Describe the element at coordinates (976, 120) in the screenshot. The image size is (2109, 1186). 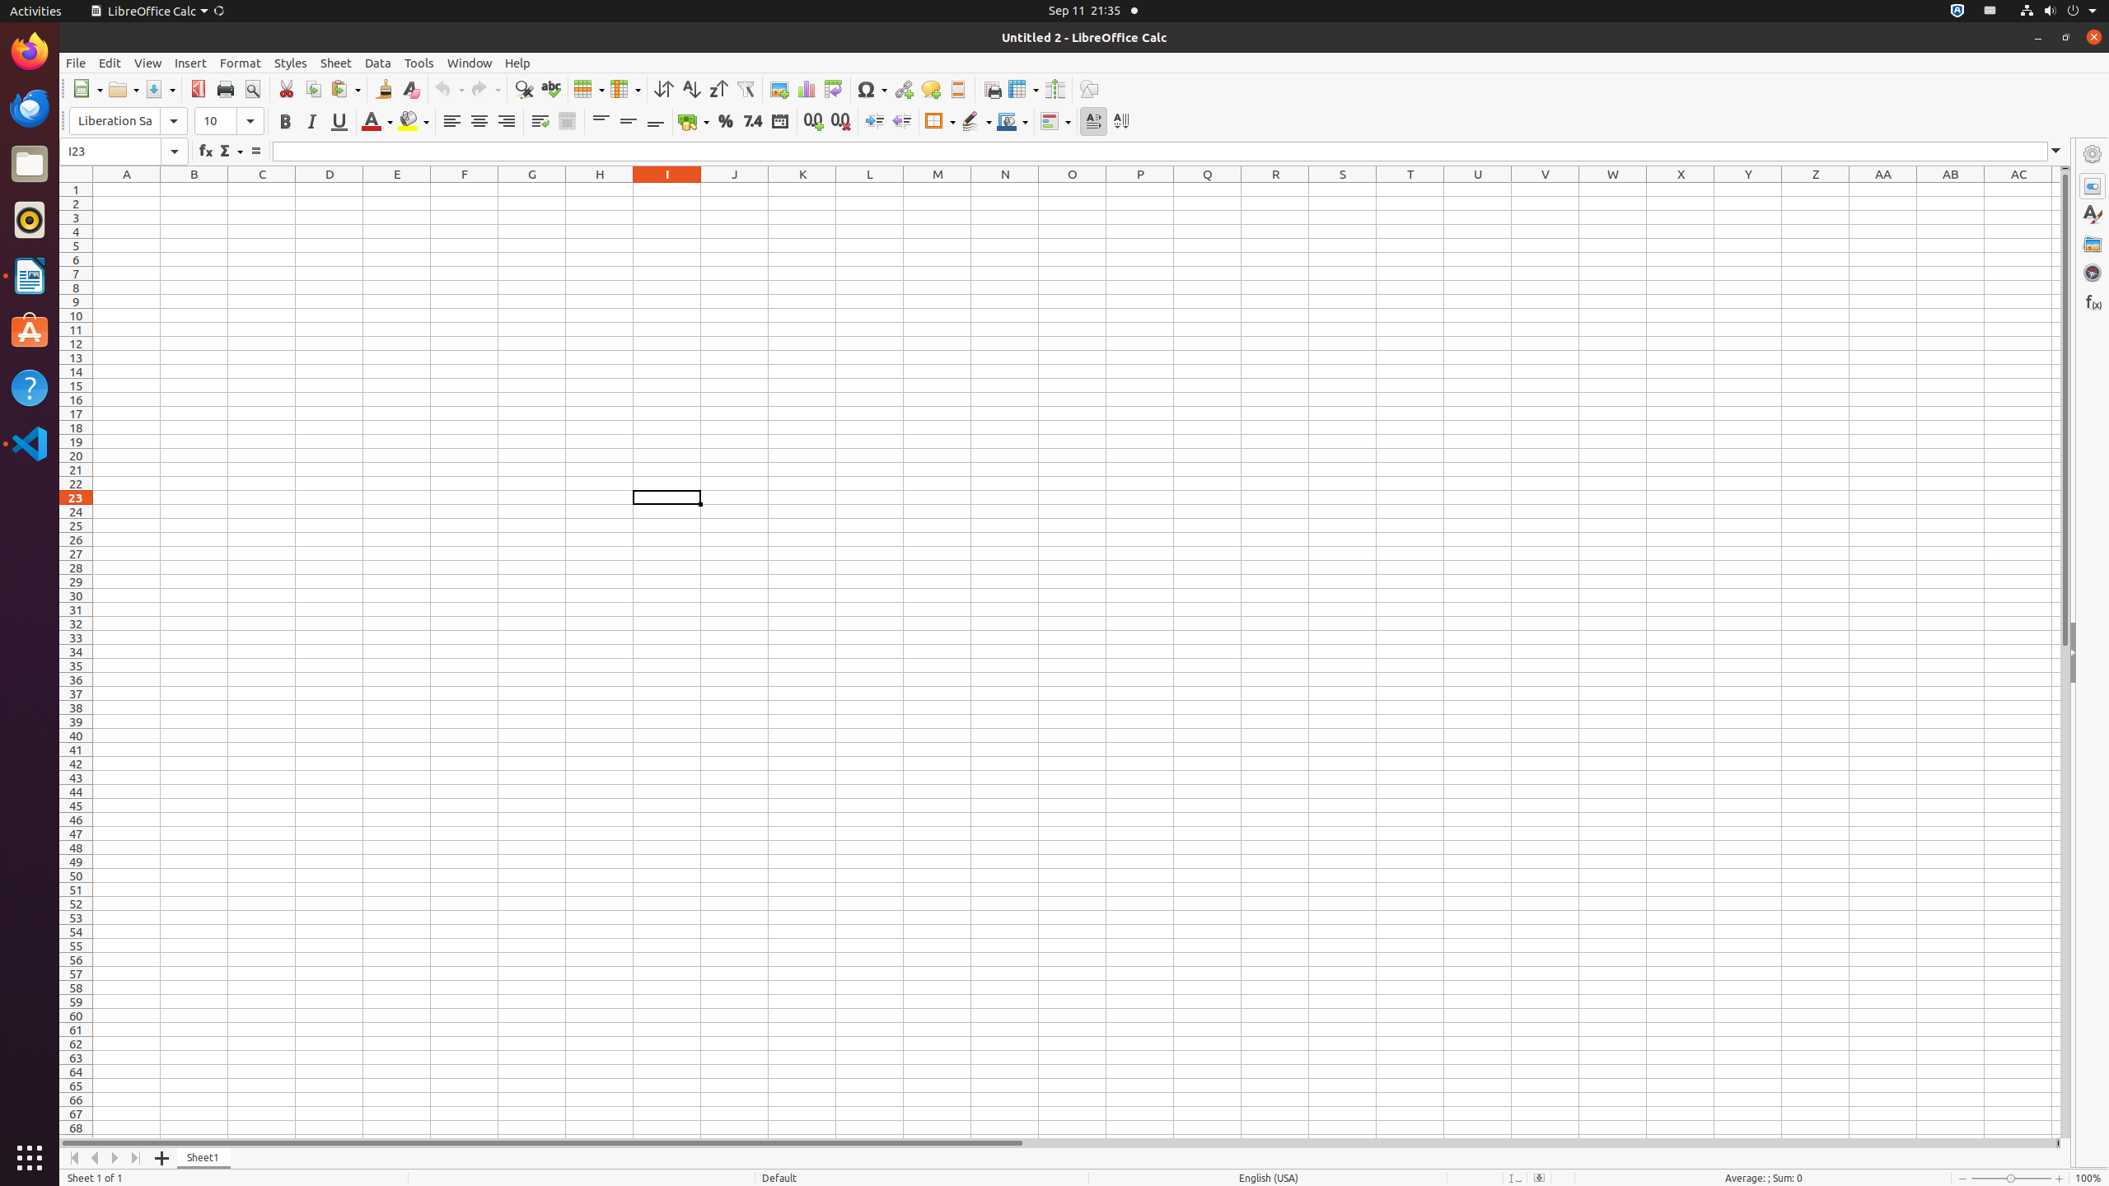
I see `'Border Style'` at that location.